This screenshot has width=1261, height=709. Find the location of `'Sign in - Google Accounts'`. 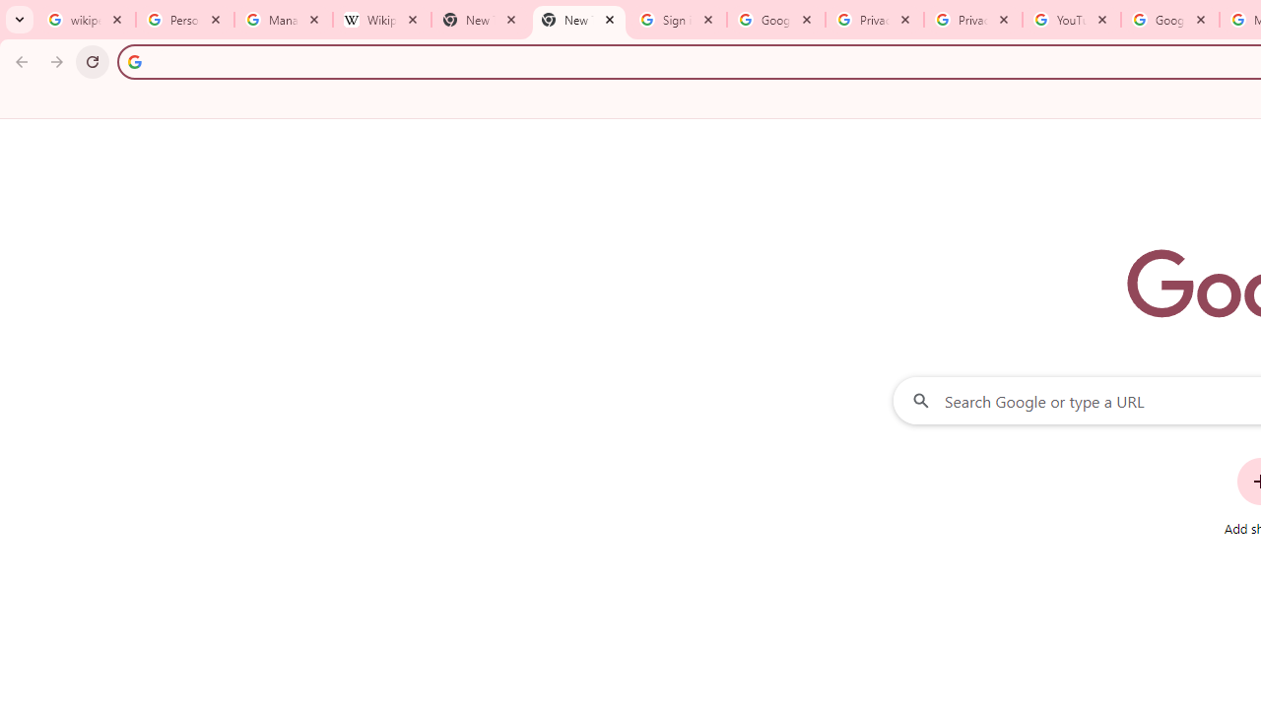

'Sign in - Google Accounts' is located at coordinates (678, 20).